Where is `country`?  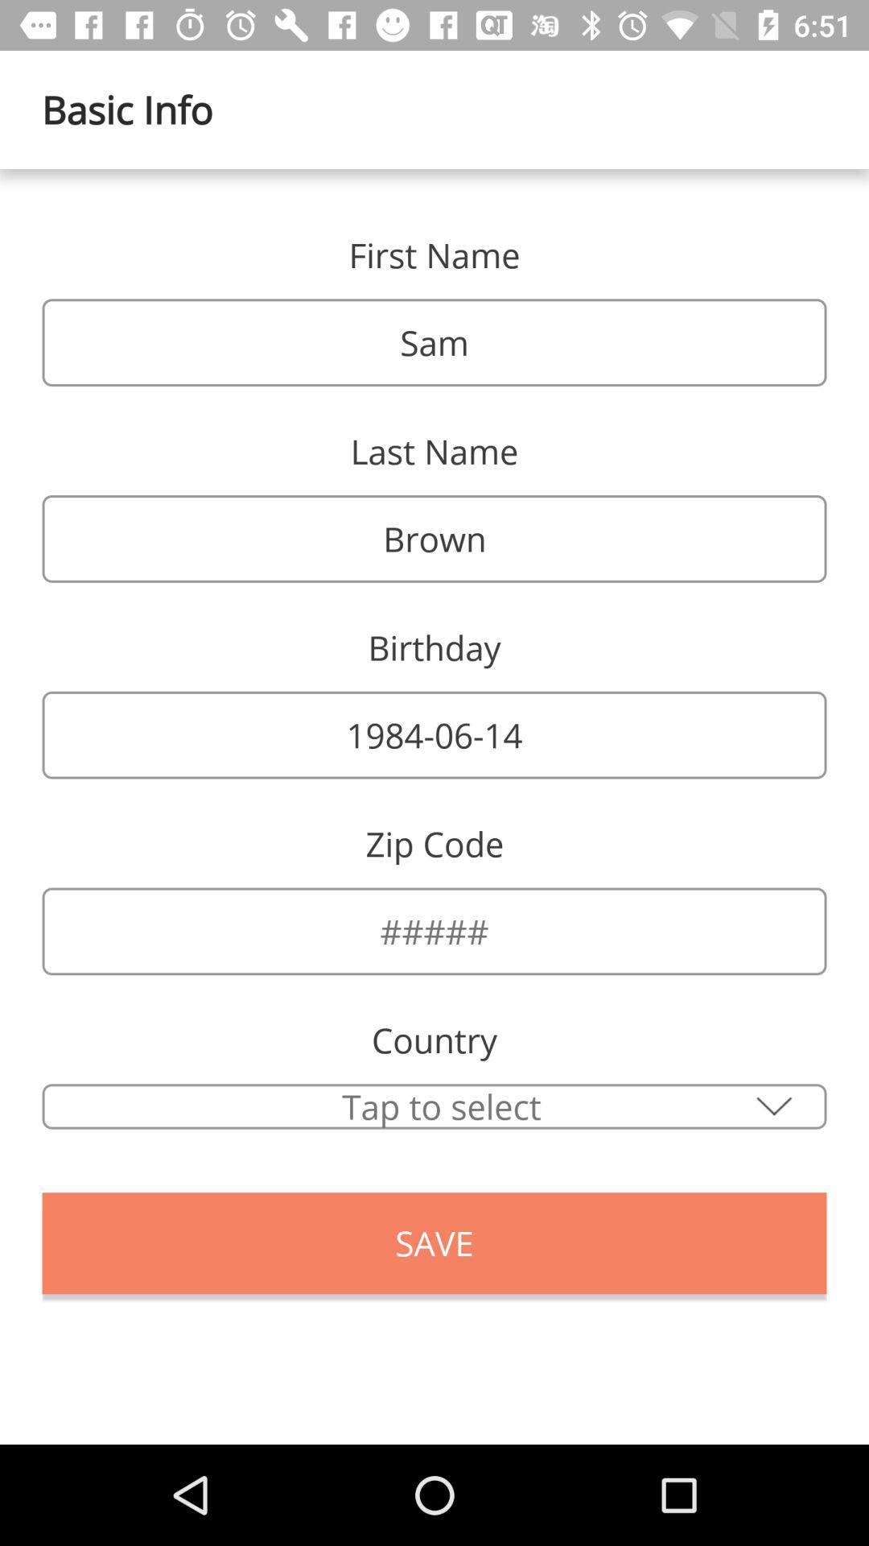
country is located at coordinates (434, 1106).